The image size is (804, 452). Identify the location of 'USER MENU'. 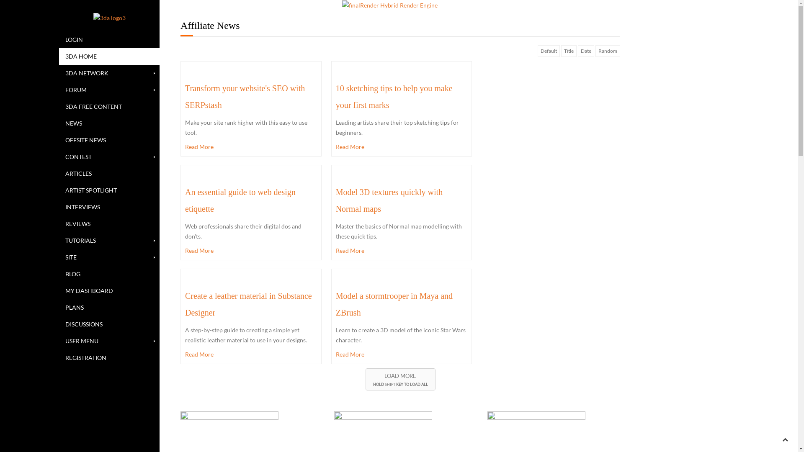
(108, 341).